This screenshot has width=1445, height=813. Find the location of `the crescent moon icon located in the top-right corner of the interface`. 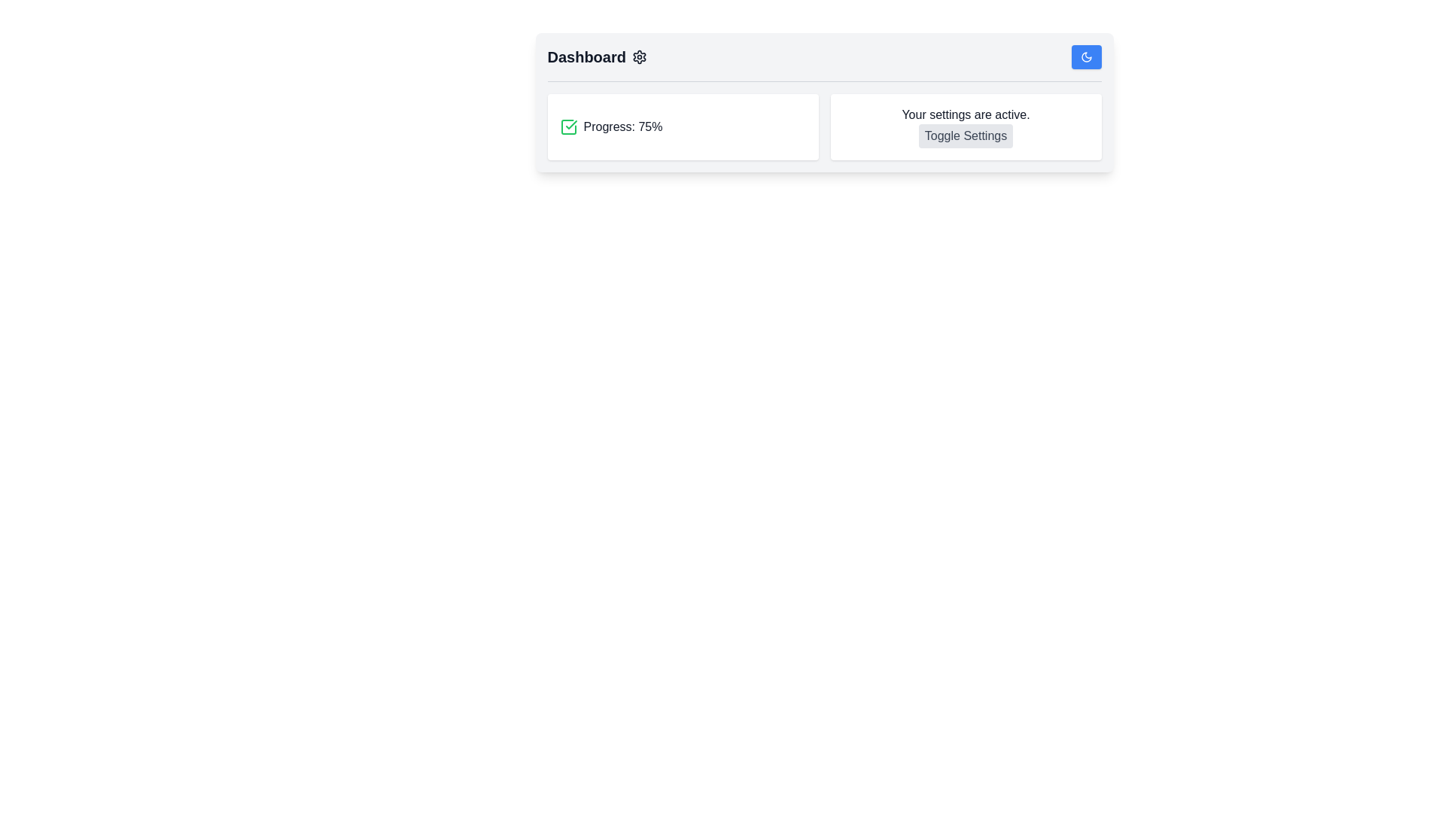

the crescent moon icon located in the top-right corner of the interface is located at coordinates (1086, 56).